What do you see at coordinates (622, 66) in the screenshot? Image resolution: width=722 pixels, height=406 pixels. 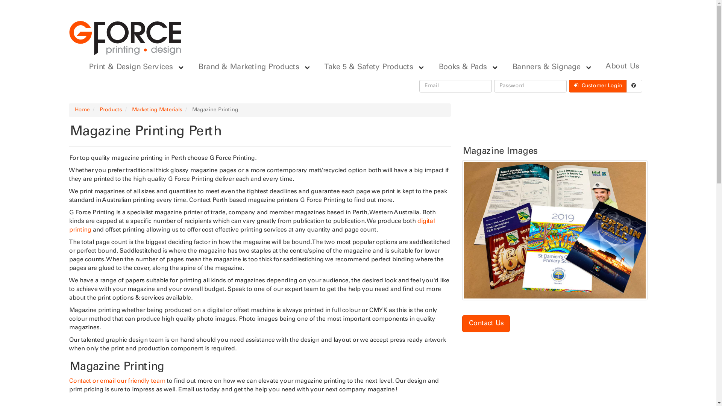 I see `'About Us'` at bounding box center [622, 66].